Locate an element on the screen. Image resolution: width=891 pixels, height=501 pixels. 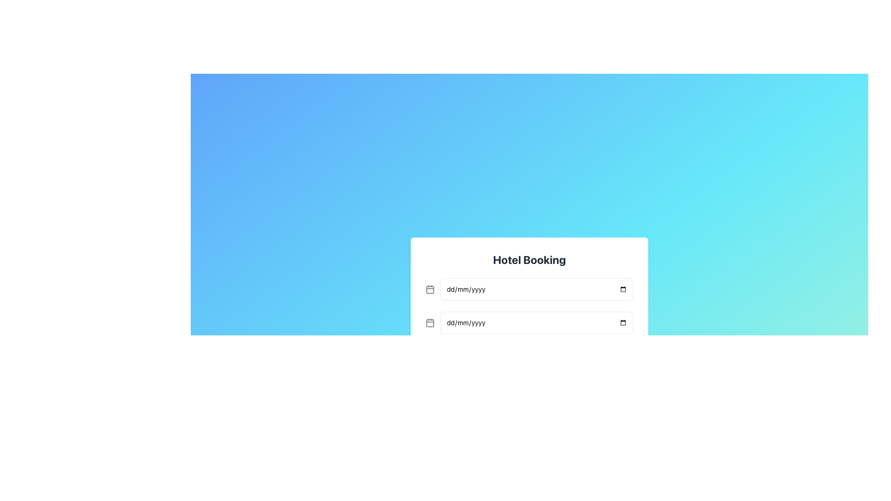
the calendar icon, which is located on the left side of the first row in a form-like layout, directly beside a text input box is located at coordinates (429, 289).